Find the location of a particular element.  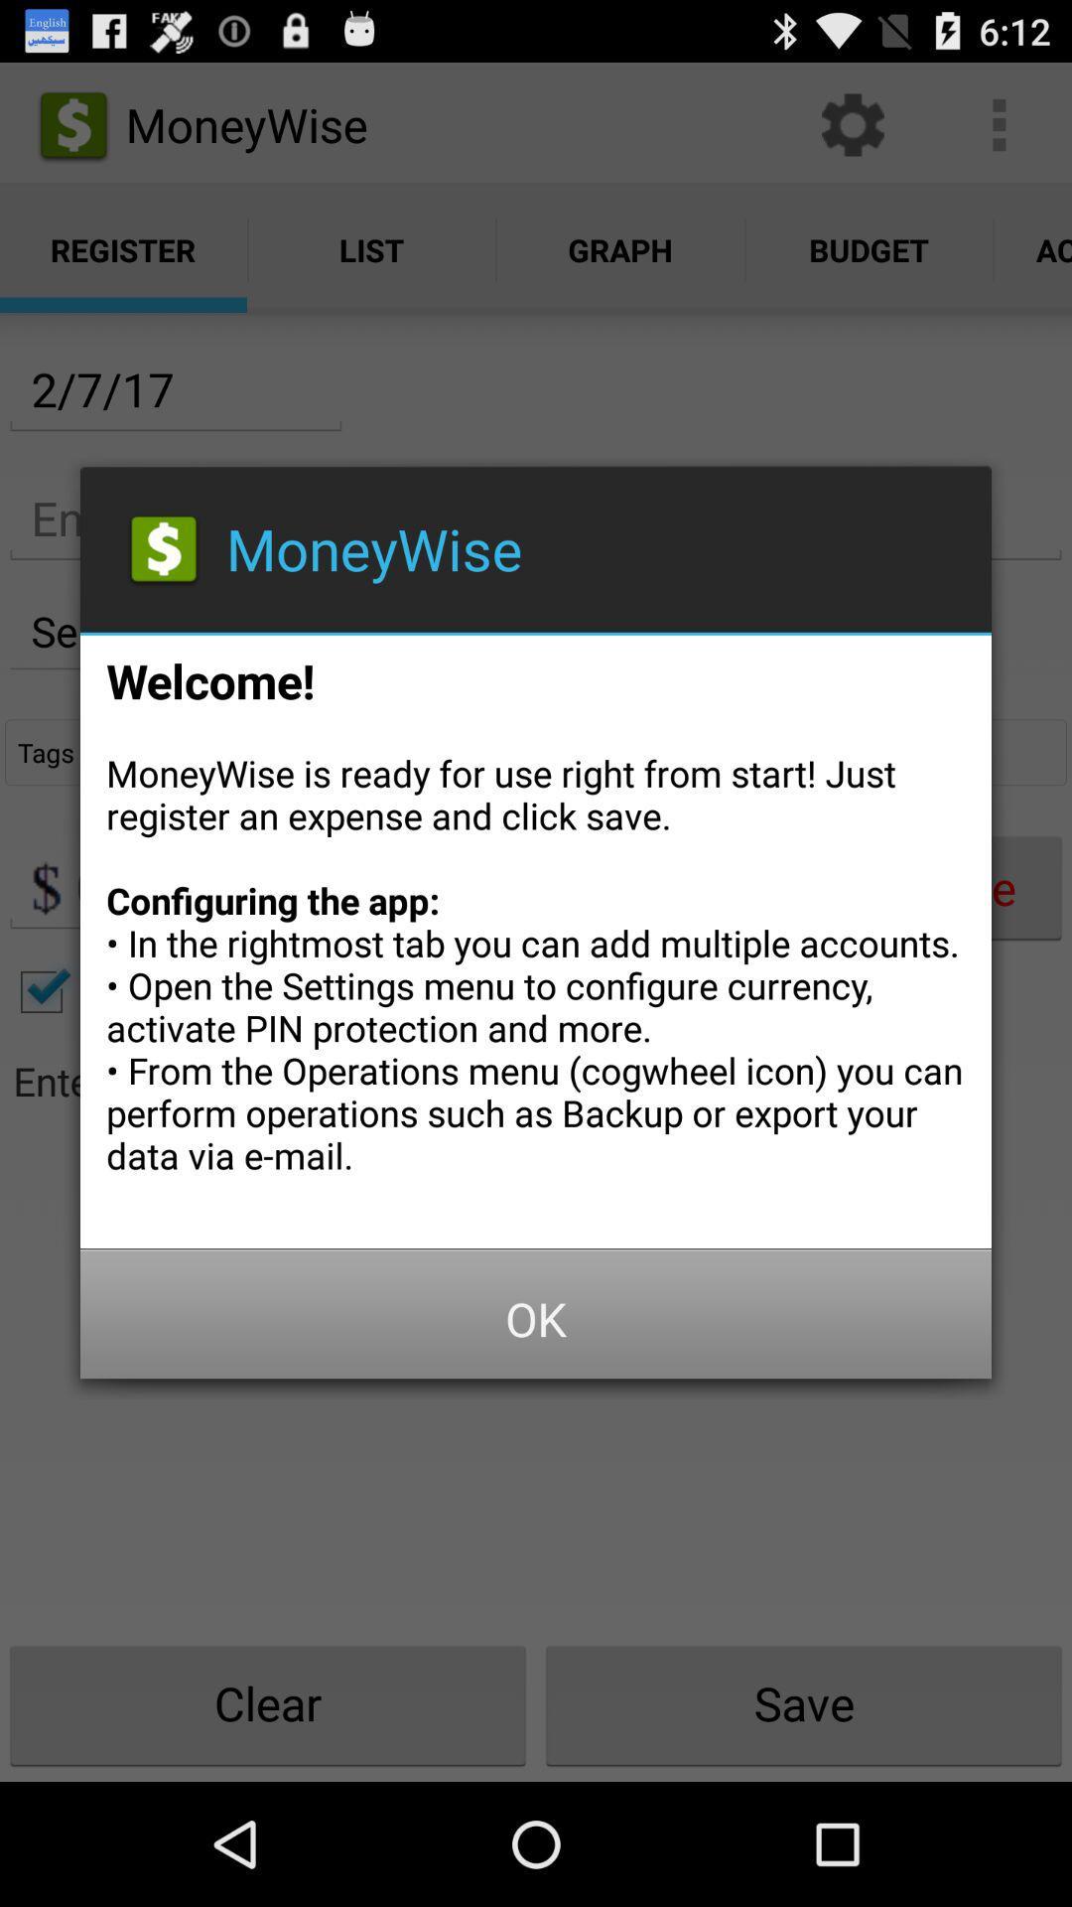

the welcome moneywise is app is located at coordinates (536, 934).